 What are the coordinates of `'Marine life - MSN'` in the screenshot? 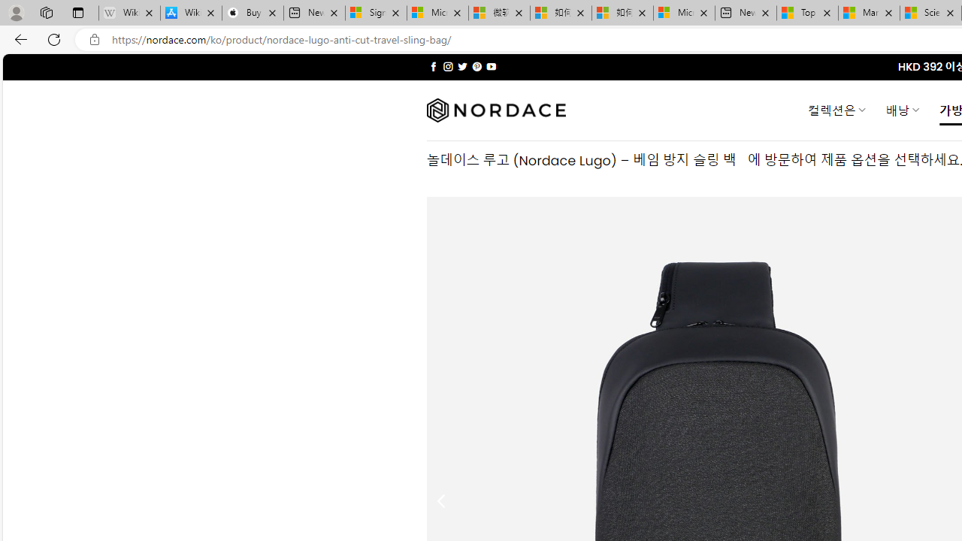 It's located at (869, 13).